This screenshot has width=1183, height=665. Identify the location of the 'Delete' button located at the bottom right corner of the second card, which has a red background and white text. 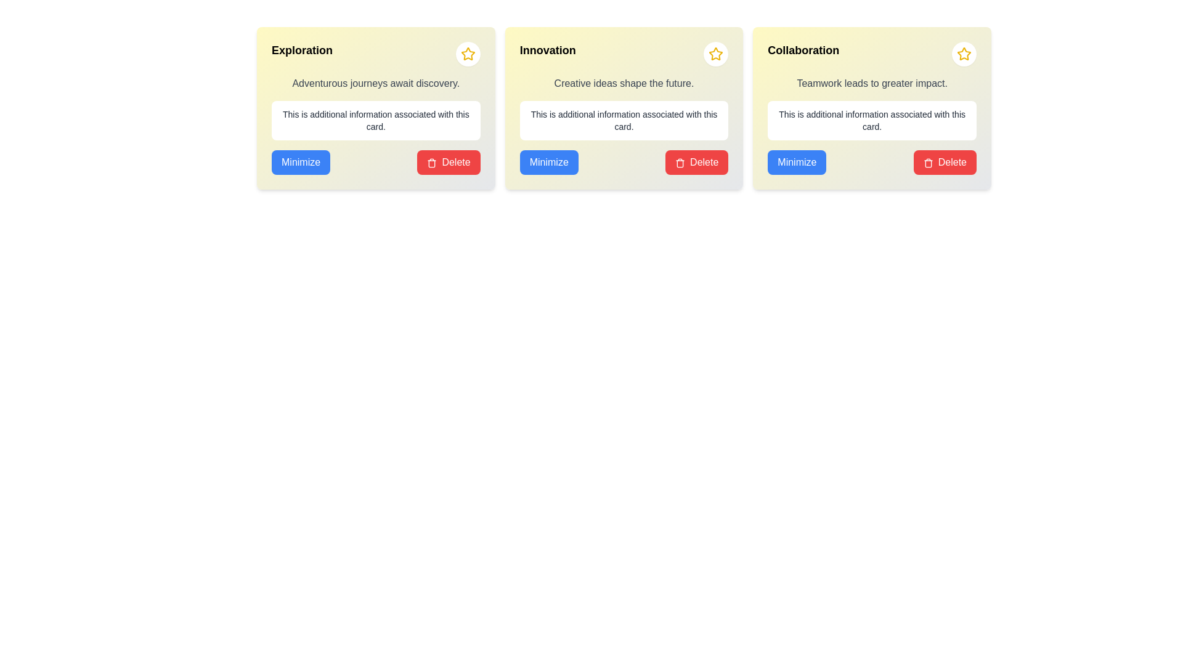
(697, 161).